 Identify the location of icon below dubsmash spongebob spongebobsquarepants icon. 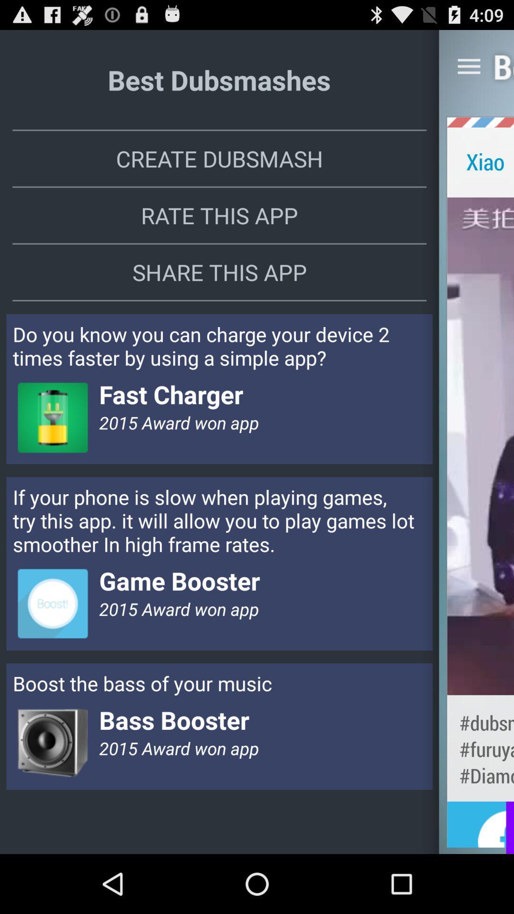
(480, 828).